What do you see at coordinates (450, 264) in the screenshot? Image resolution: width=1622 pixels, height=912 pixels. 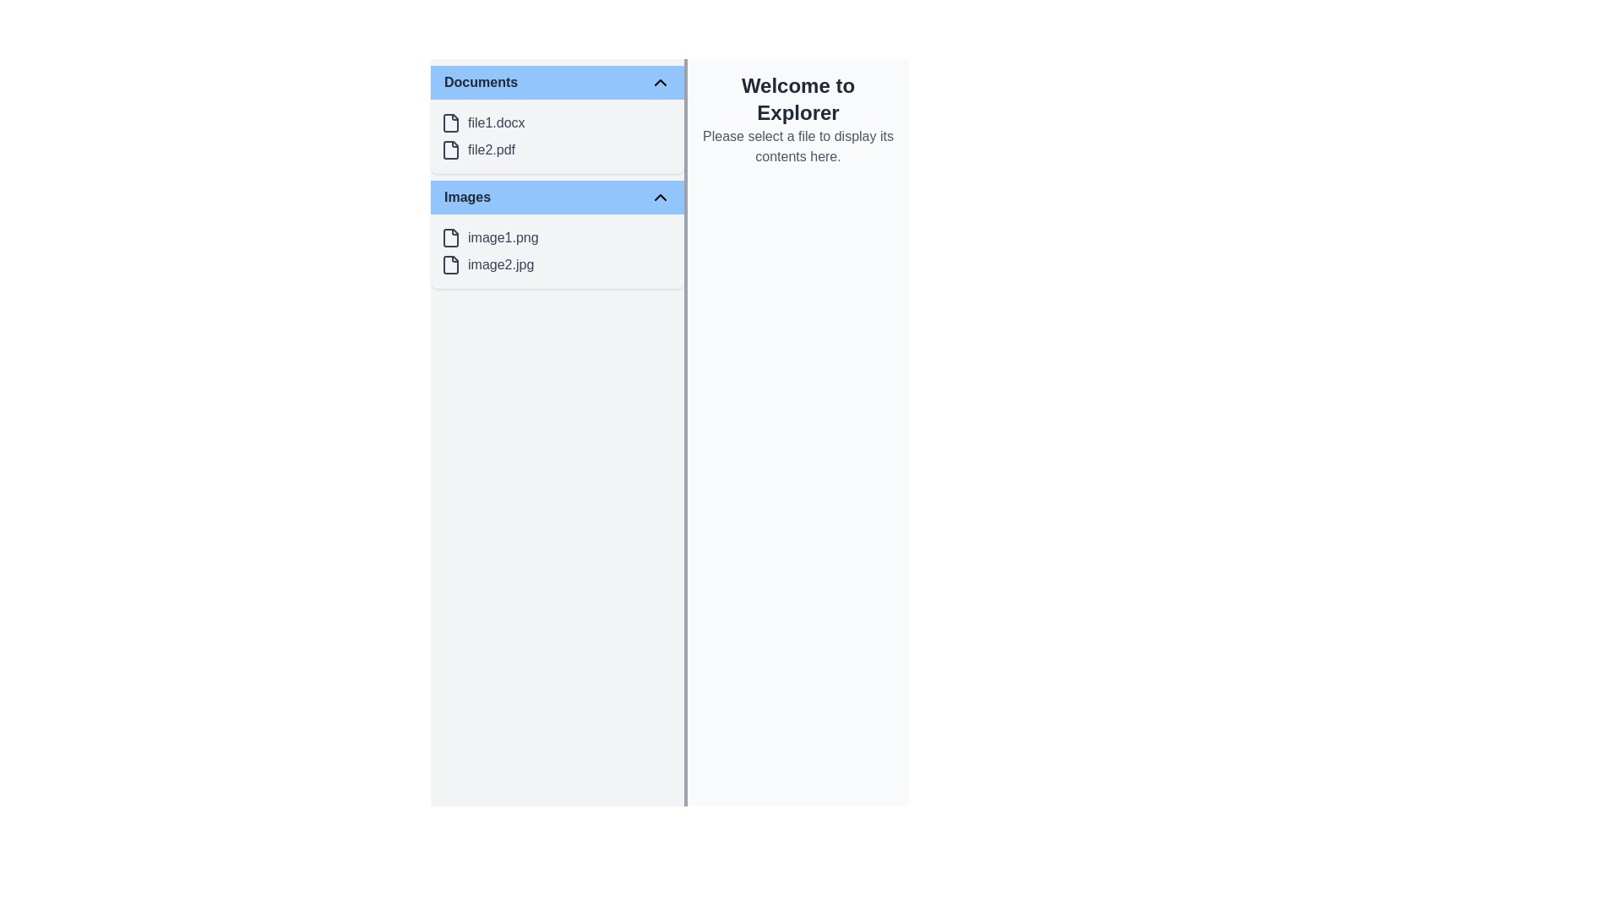 I see `the file type icon located in the 'Images' section, adjacent to the 'image2.jpg' text, to provide a visual cue for file identification` at bounding box center [450, 264].